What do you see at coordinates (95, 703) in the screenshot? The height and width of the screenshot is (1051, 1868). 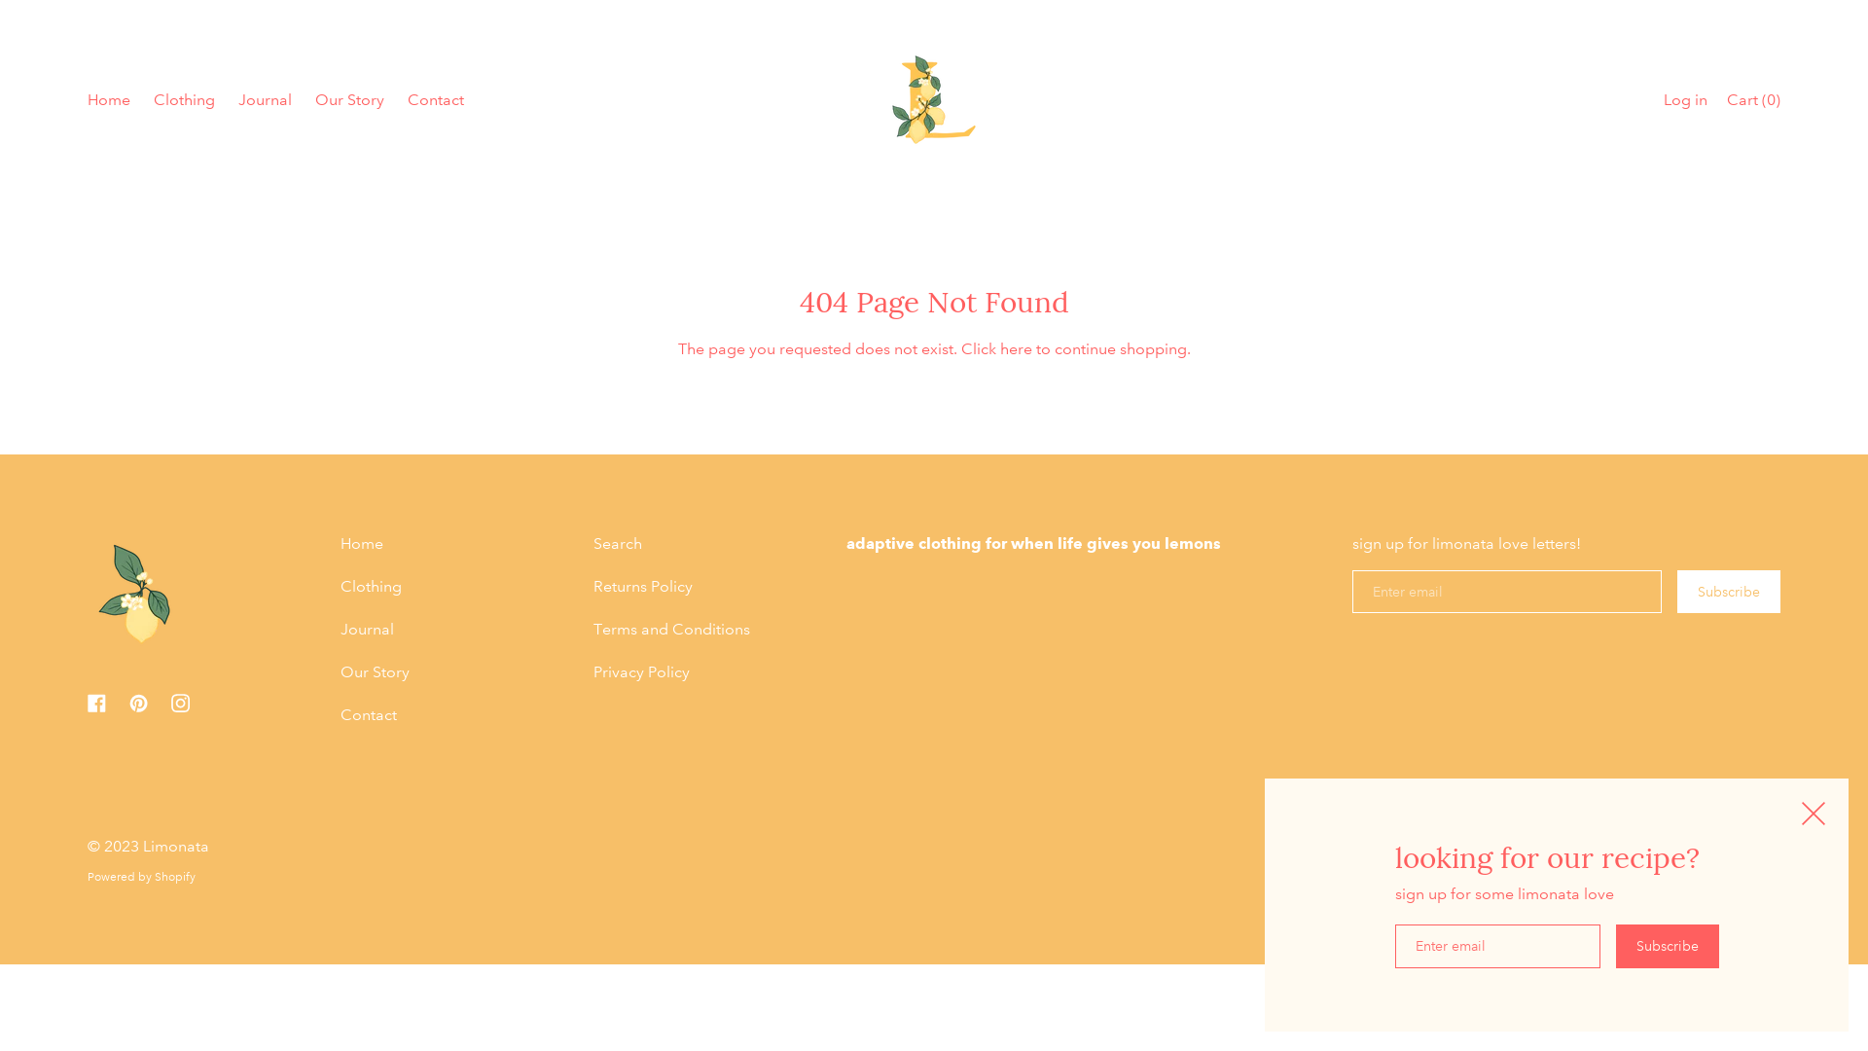 I see `'Facebook'` at bounding box center [95, 703].